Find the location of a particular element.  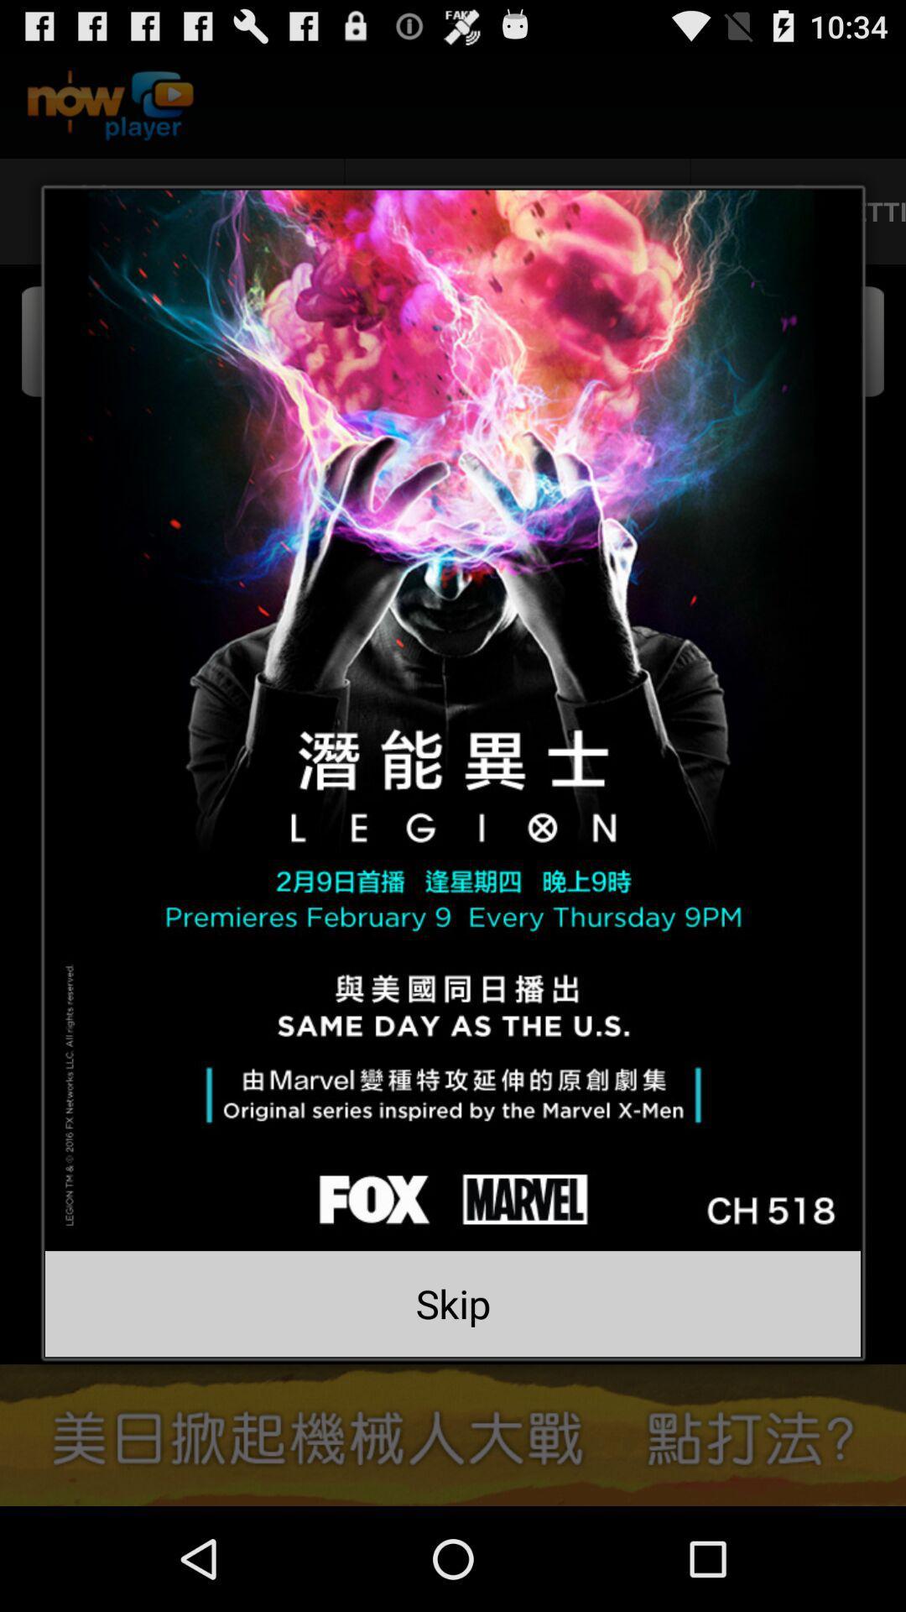

website is located at coordinates (453, 720).